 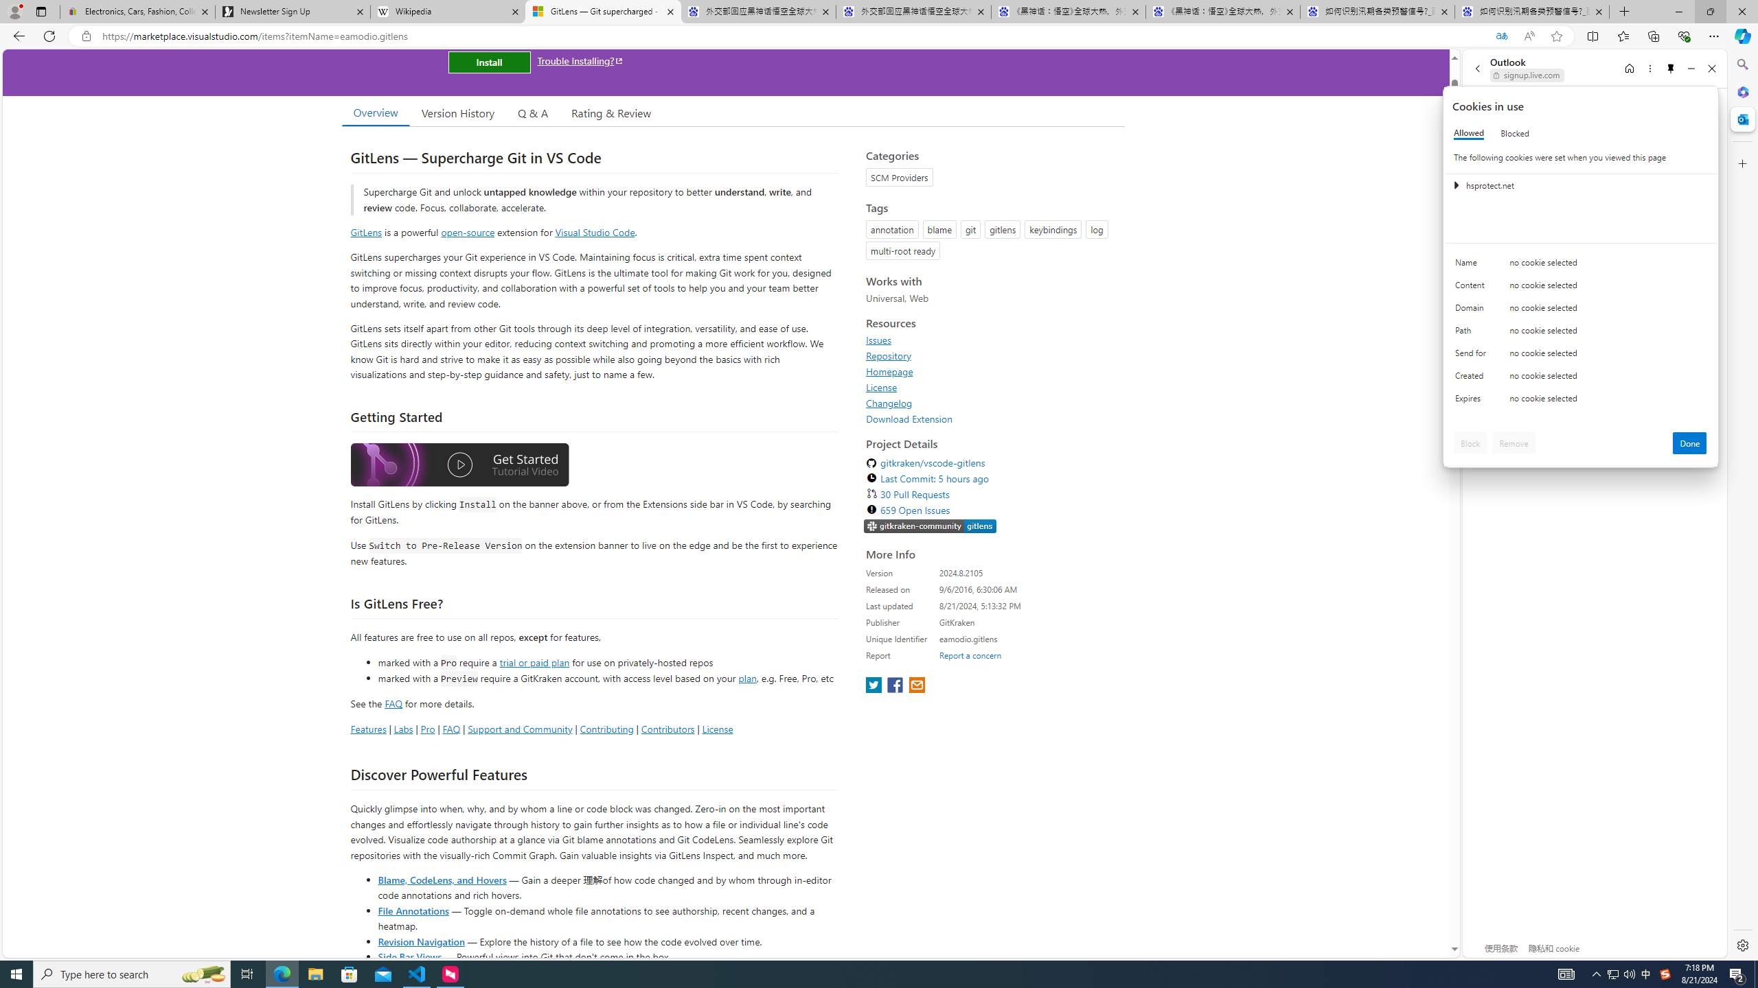 I want to click on 'Block', so click(x=1470, y=443).